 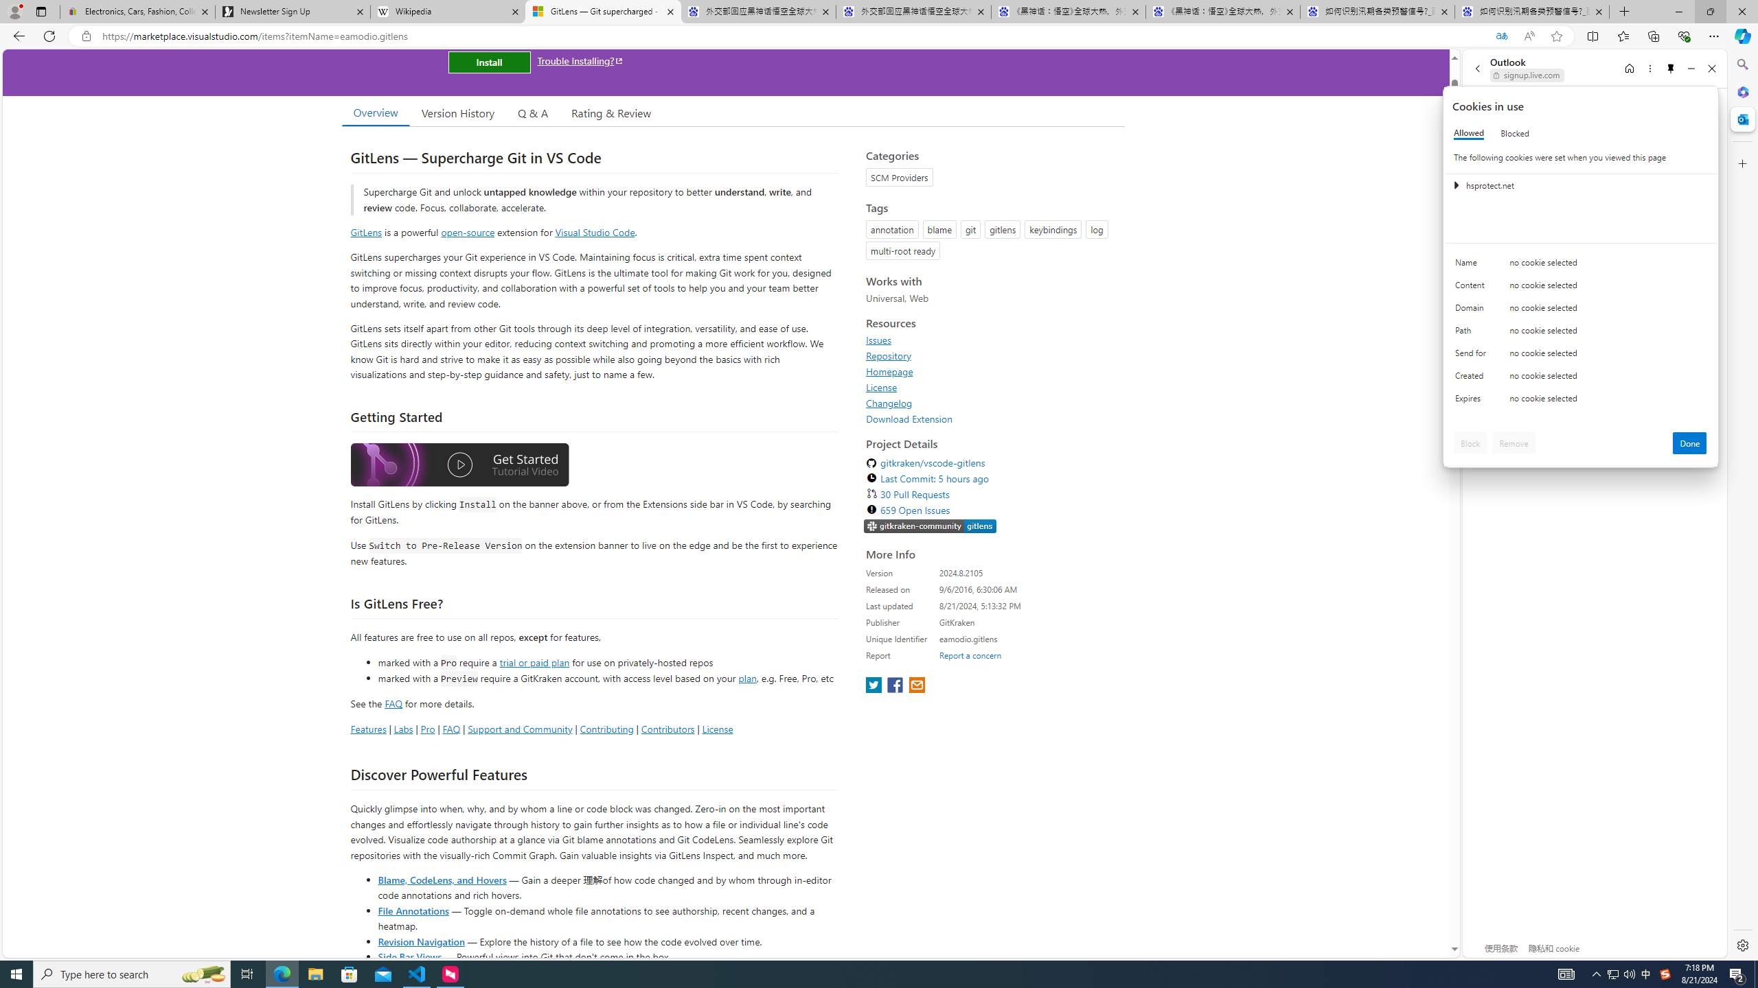 I want to click on 'Block', so click(x=1470, y=443).